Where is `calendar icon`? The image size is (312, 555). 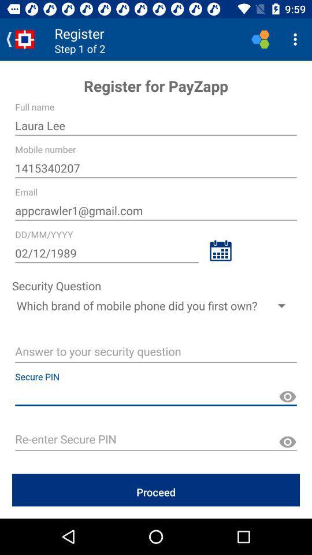
calendar icon is located at coordinates (220, 250).